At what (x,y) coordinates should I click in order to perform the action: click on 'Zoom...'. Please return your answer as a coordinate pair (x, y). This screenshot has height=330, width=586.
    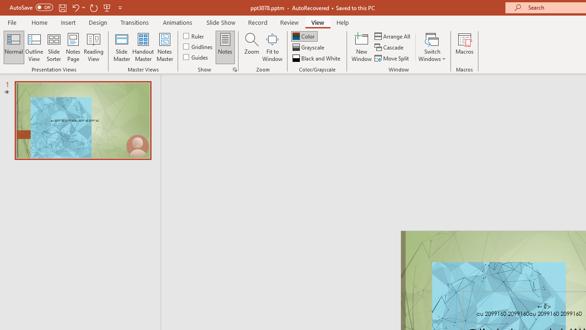
    Looking at the image, I should click on (251, 47).